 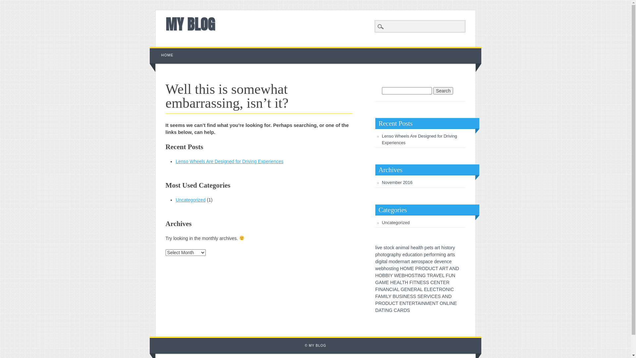 What do you see at coordinates (397, 282) in the screenshot?
I see `'A'` at bounding box center [397, 282].